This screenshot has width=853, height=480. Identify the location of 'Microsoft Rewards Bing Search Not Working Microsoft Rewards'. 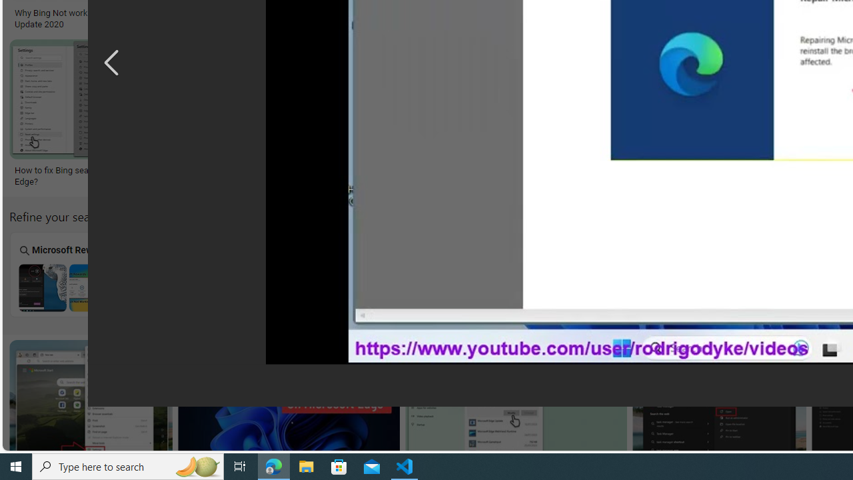
(67, 273).